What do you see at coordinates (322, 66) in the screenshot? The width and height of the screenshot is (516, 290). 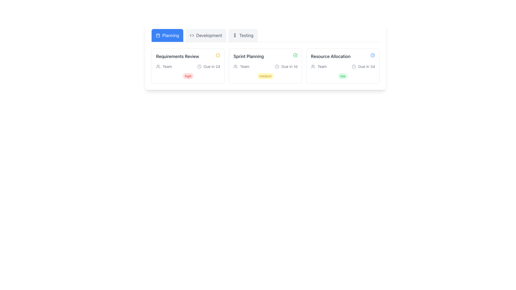 I see `the textual label displaying the word 'Team' in a small gray font, located in the lower-left corner of the 'Resource Allocation' card within the 'Planning' section` at bounding box center [322, 66].